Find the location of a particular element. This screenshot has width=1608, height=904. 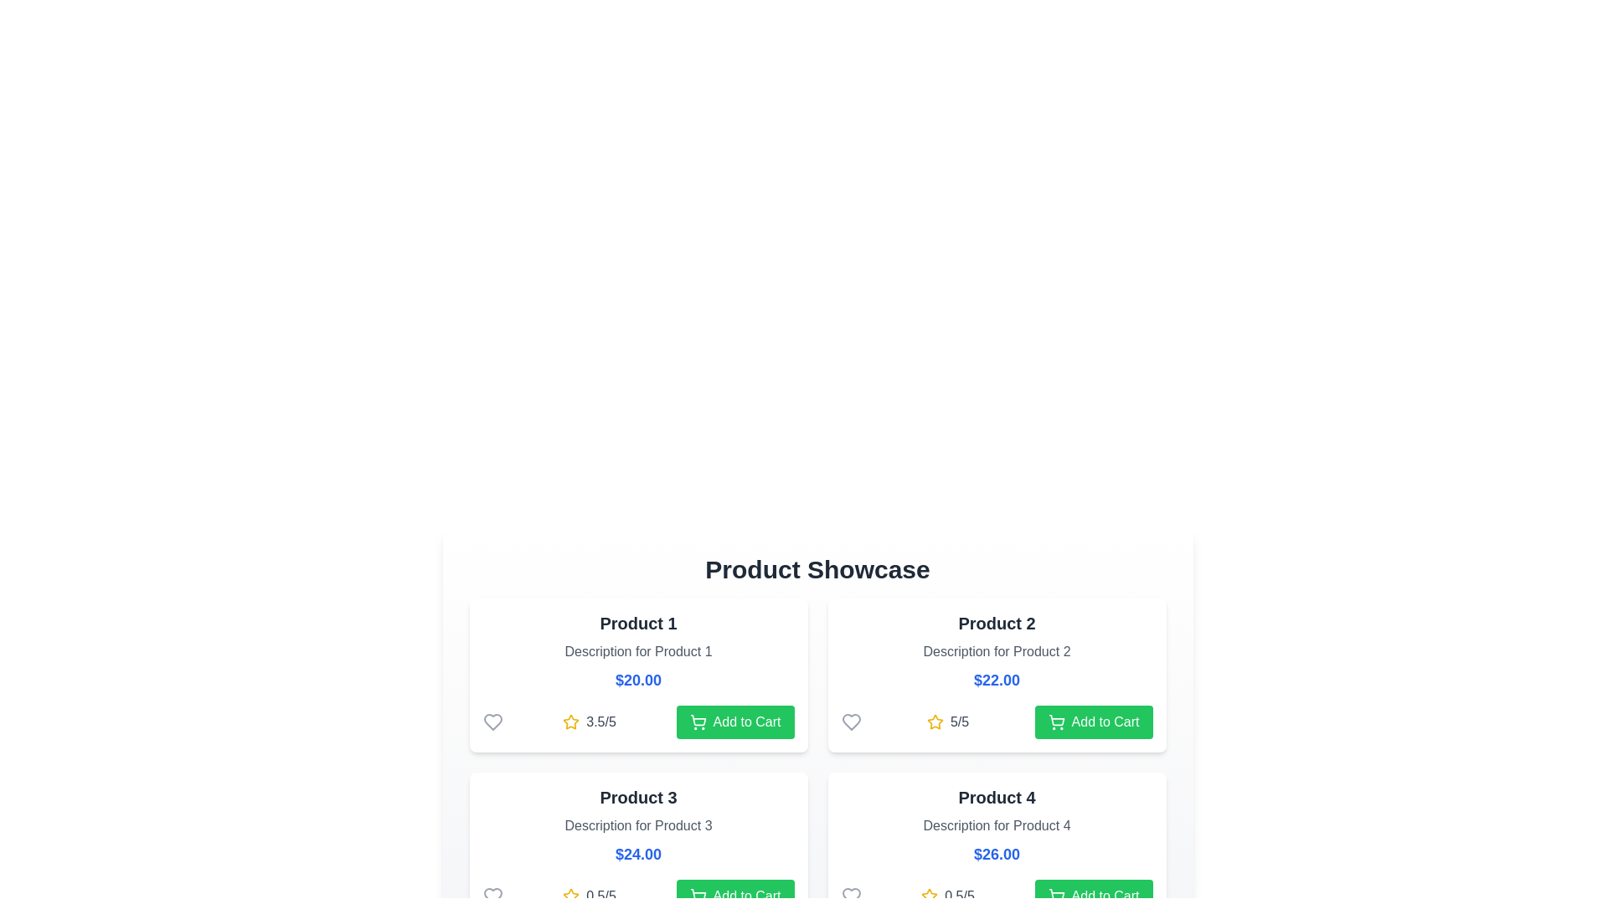

the hollow heart icon button located above the star rating in the 'Product 2' card is located at coordinates (851, 722).